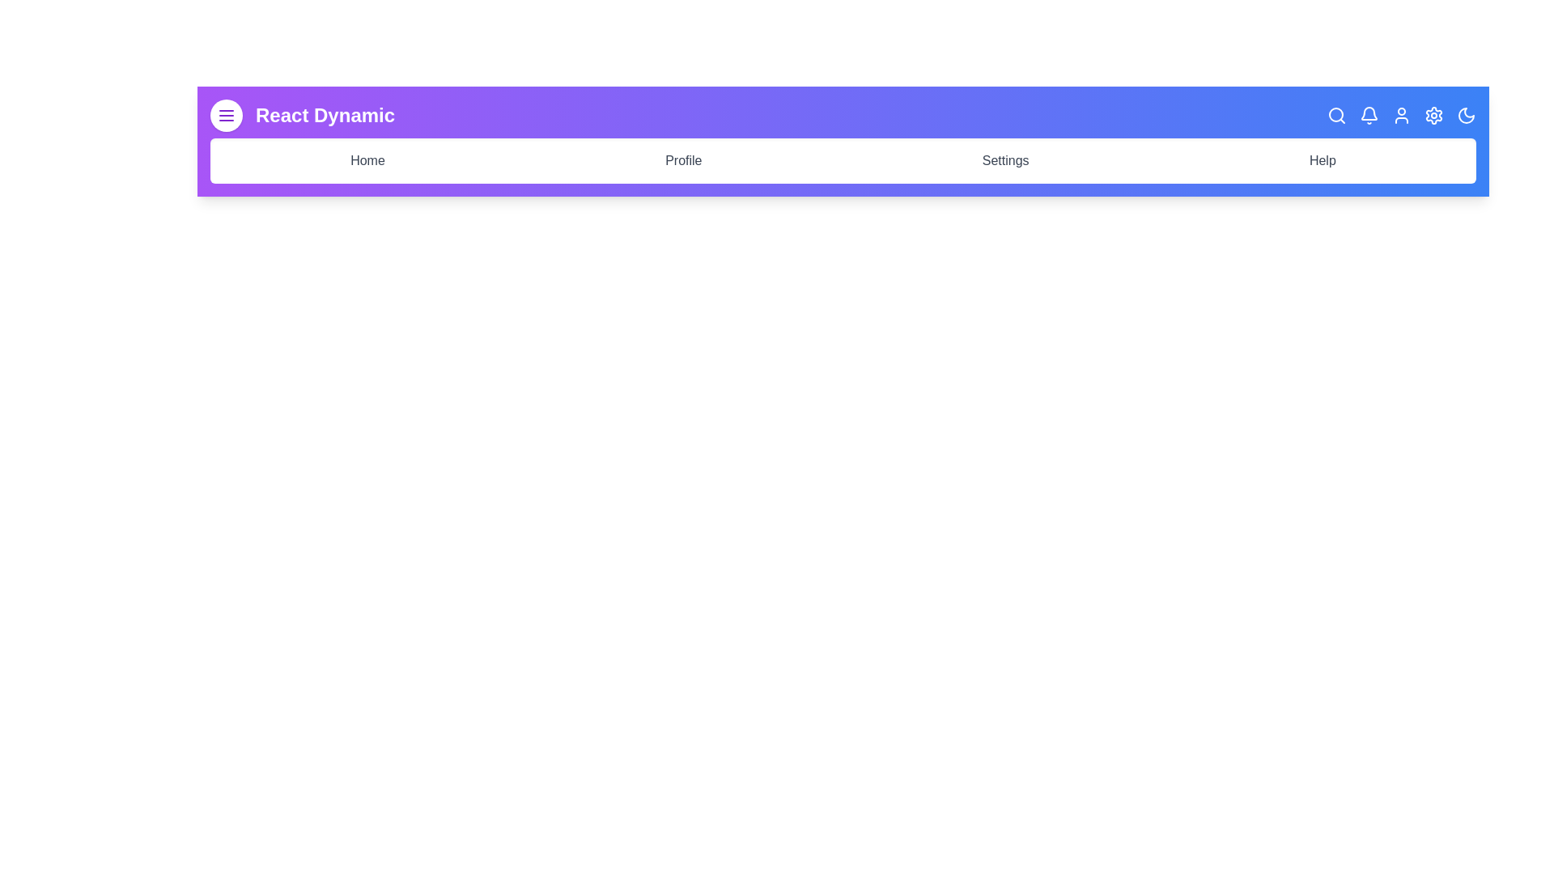 The height and width of the screenshot is (874, 1554). What do you see at coordinates (1322, 161) in the screenshot?
I see `the text Help in the navigation bar` at bounding box center [1322, 161].